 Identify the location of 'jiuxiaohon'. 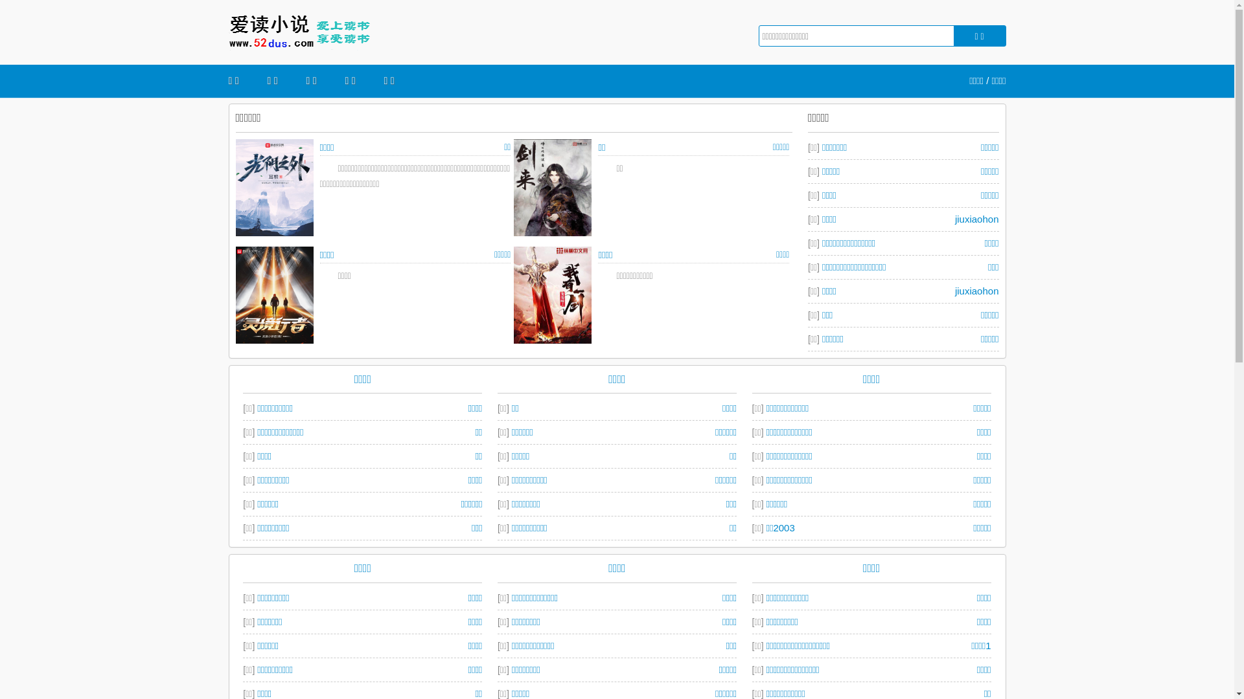
(976, 289).